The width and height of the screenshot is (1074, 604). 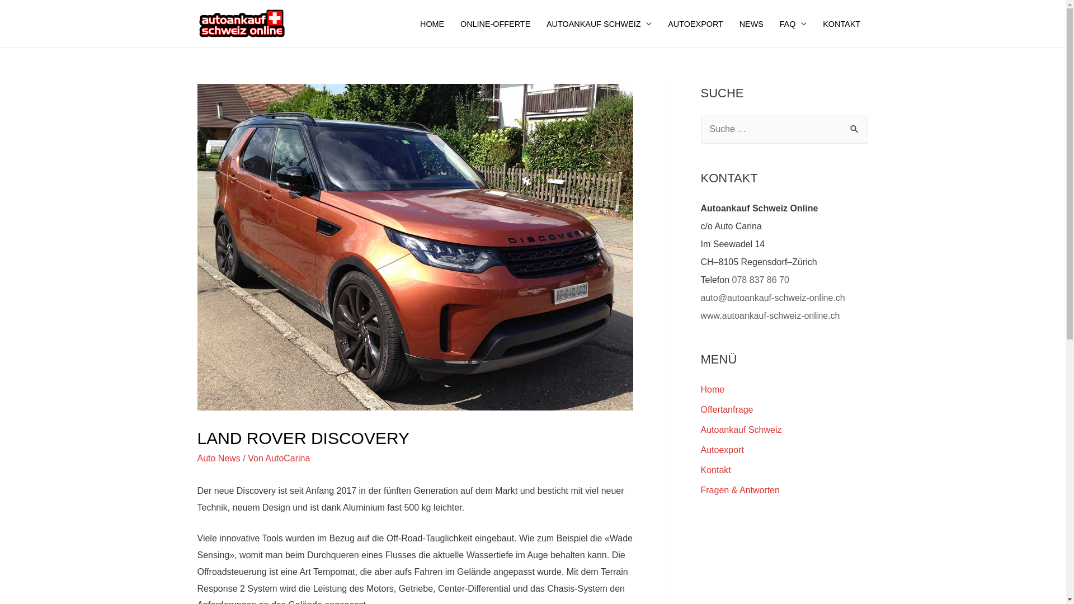 What do you see at coordinates (842, 23) in the screenshot?
I see `'KONTAKT'` at bounding box center [842, 23].